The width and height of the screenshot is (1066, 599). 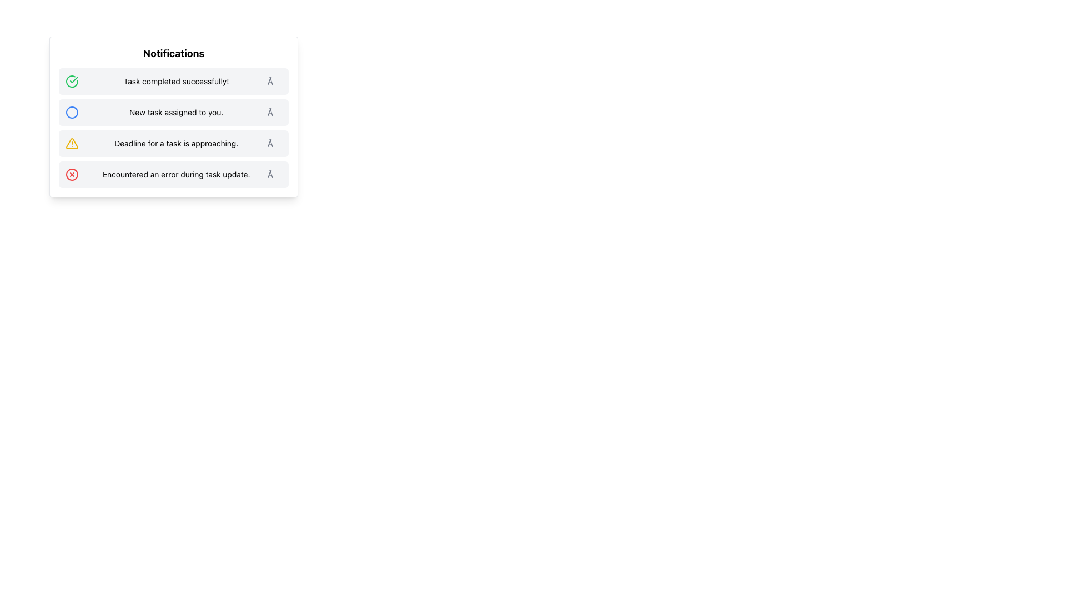 I want to click on the static text element displaying 'Deadline for a task is approaching' in the third notification row of the notification group, so click(x=175, y=143).